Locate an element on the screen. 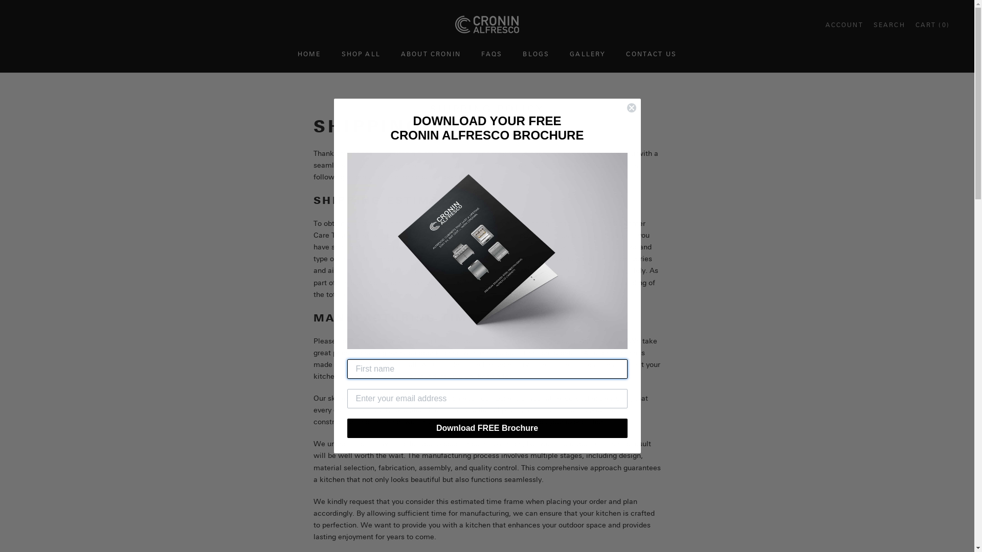  'Close dialog 1' is located at coordinates (626, 108).